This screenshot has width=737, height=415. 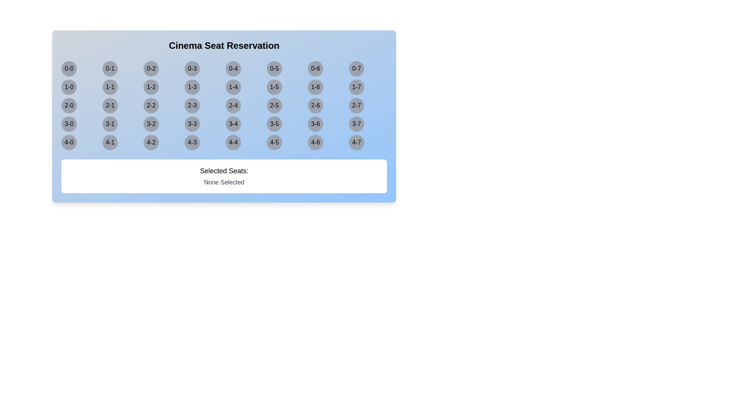 What do you see at coordinates (151, 142) in the screenshot?
I see `the circular button labeled '4-2' with a gray background` at bounding box center [151, 142].